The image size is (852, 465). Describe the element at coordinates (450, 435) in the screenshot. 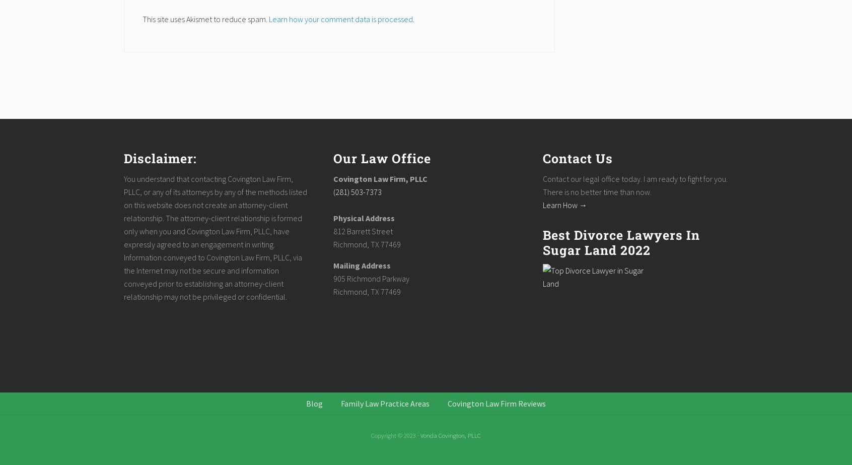

I see `'Vonda Covington, PLLC'` at that location.